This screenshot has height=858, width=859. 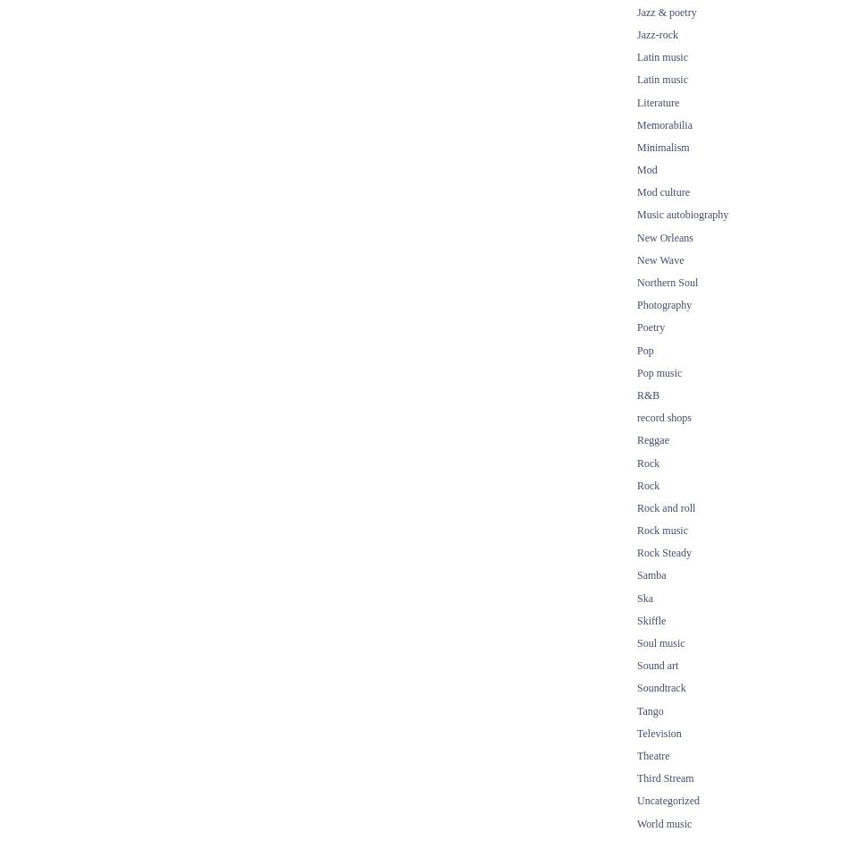 I want to click on 'Literature', so click(x=657, y=102).